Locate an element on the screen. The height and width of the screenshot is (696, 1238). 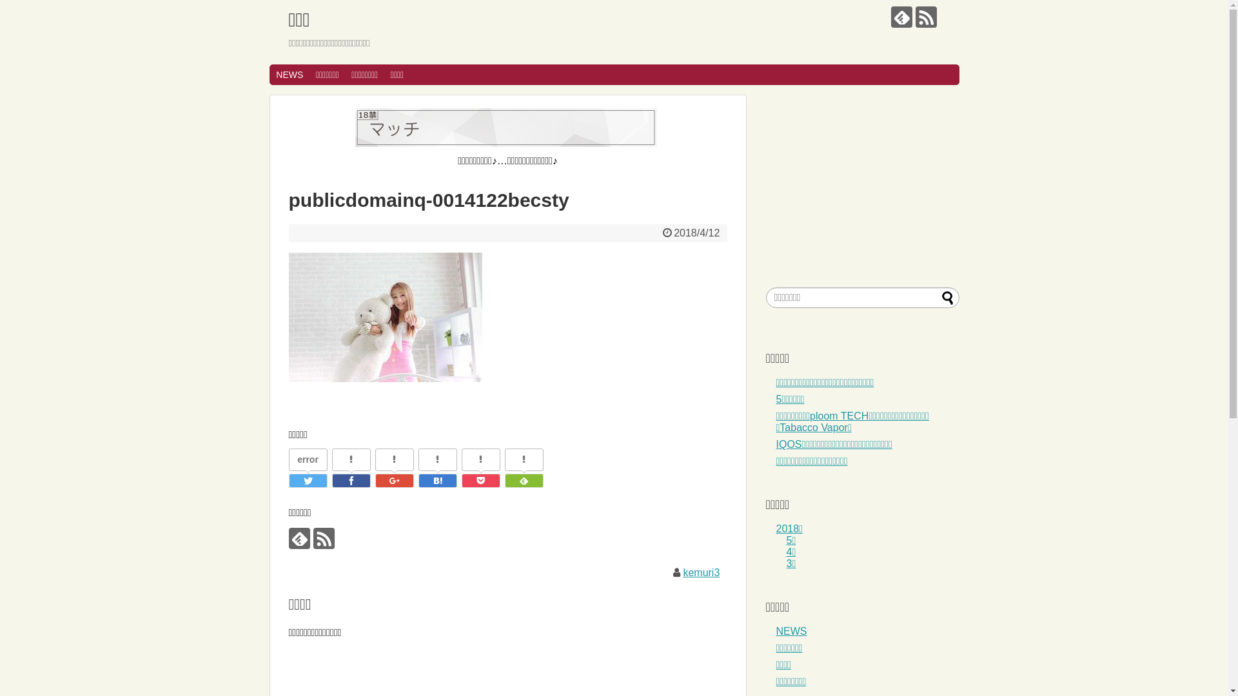
'NEWS' is located at coordinates (268, 74).